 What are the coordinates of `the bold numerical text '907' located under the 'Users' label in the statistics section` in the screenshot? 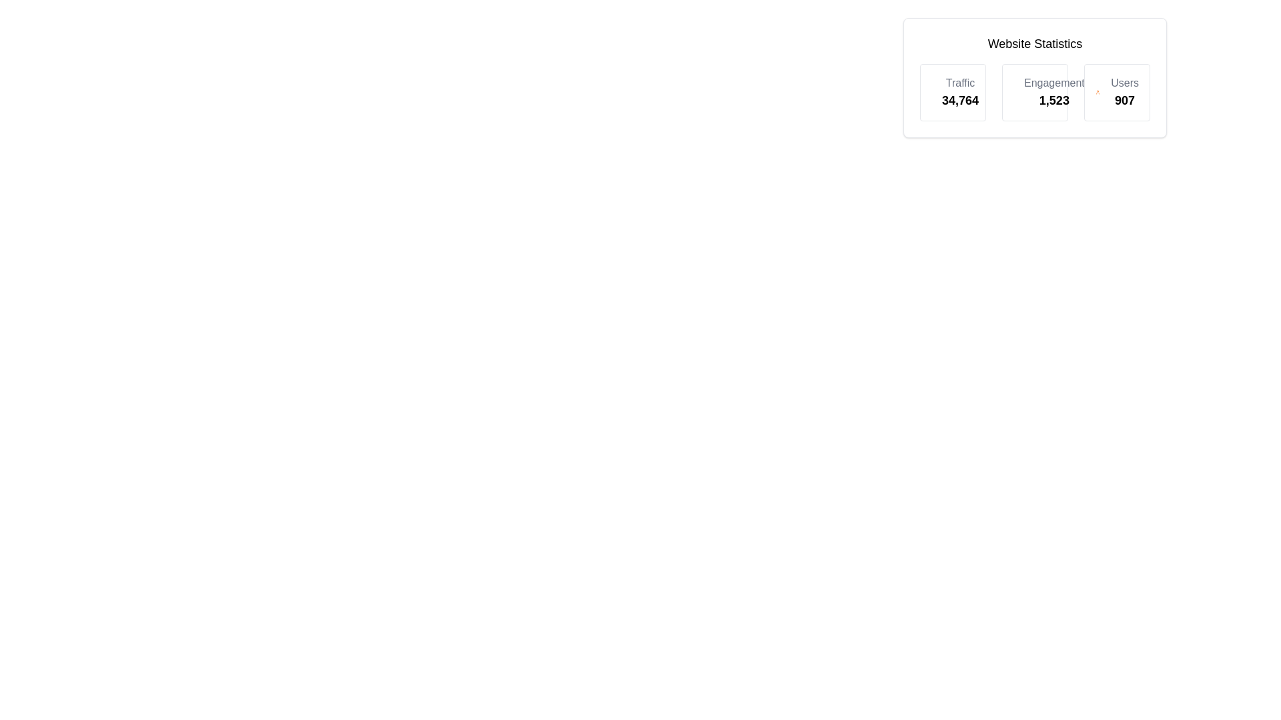 It's located at (1124, 99).